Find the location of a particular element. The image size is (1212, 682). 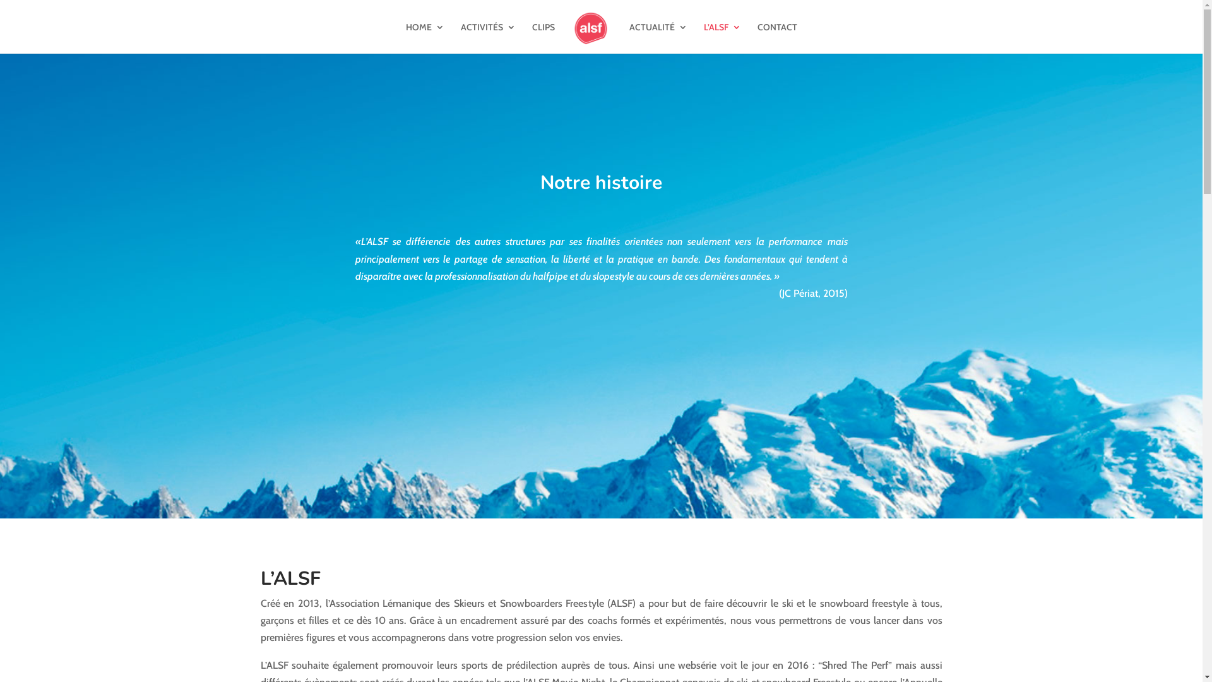

'CLIPS' is located at coordinates (542, 37).